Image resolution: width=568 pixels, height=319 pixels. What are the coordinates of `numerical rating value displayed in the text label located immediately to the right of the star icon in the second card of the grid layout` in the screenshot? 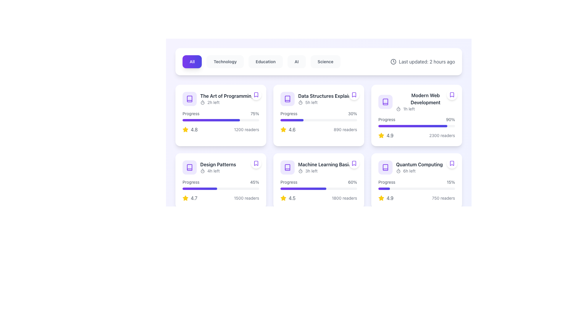 It's located at (292, 129).